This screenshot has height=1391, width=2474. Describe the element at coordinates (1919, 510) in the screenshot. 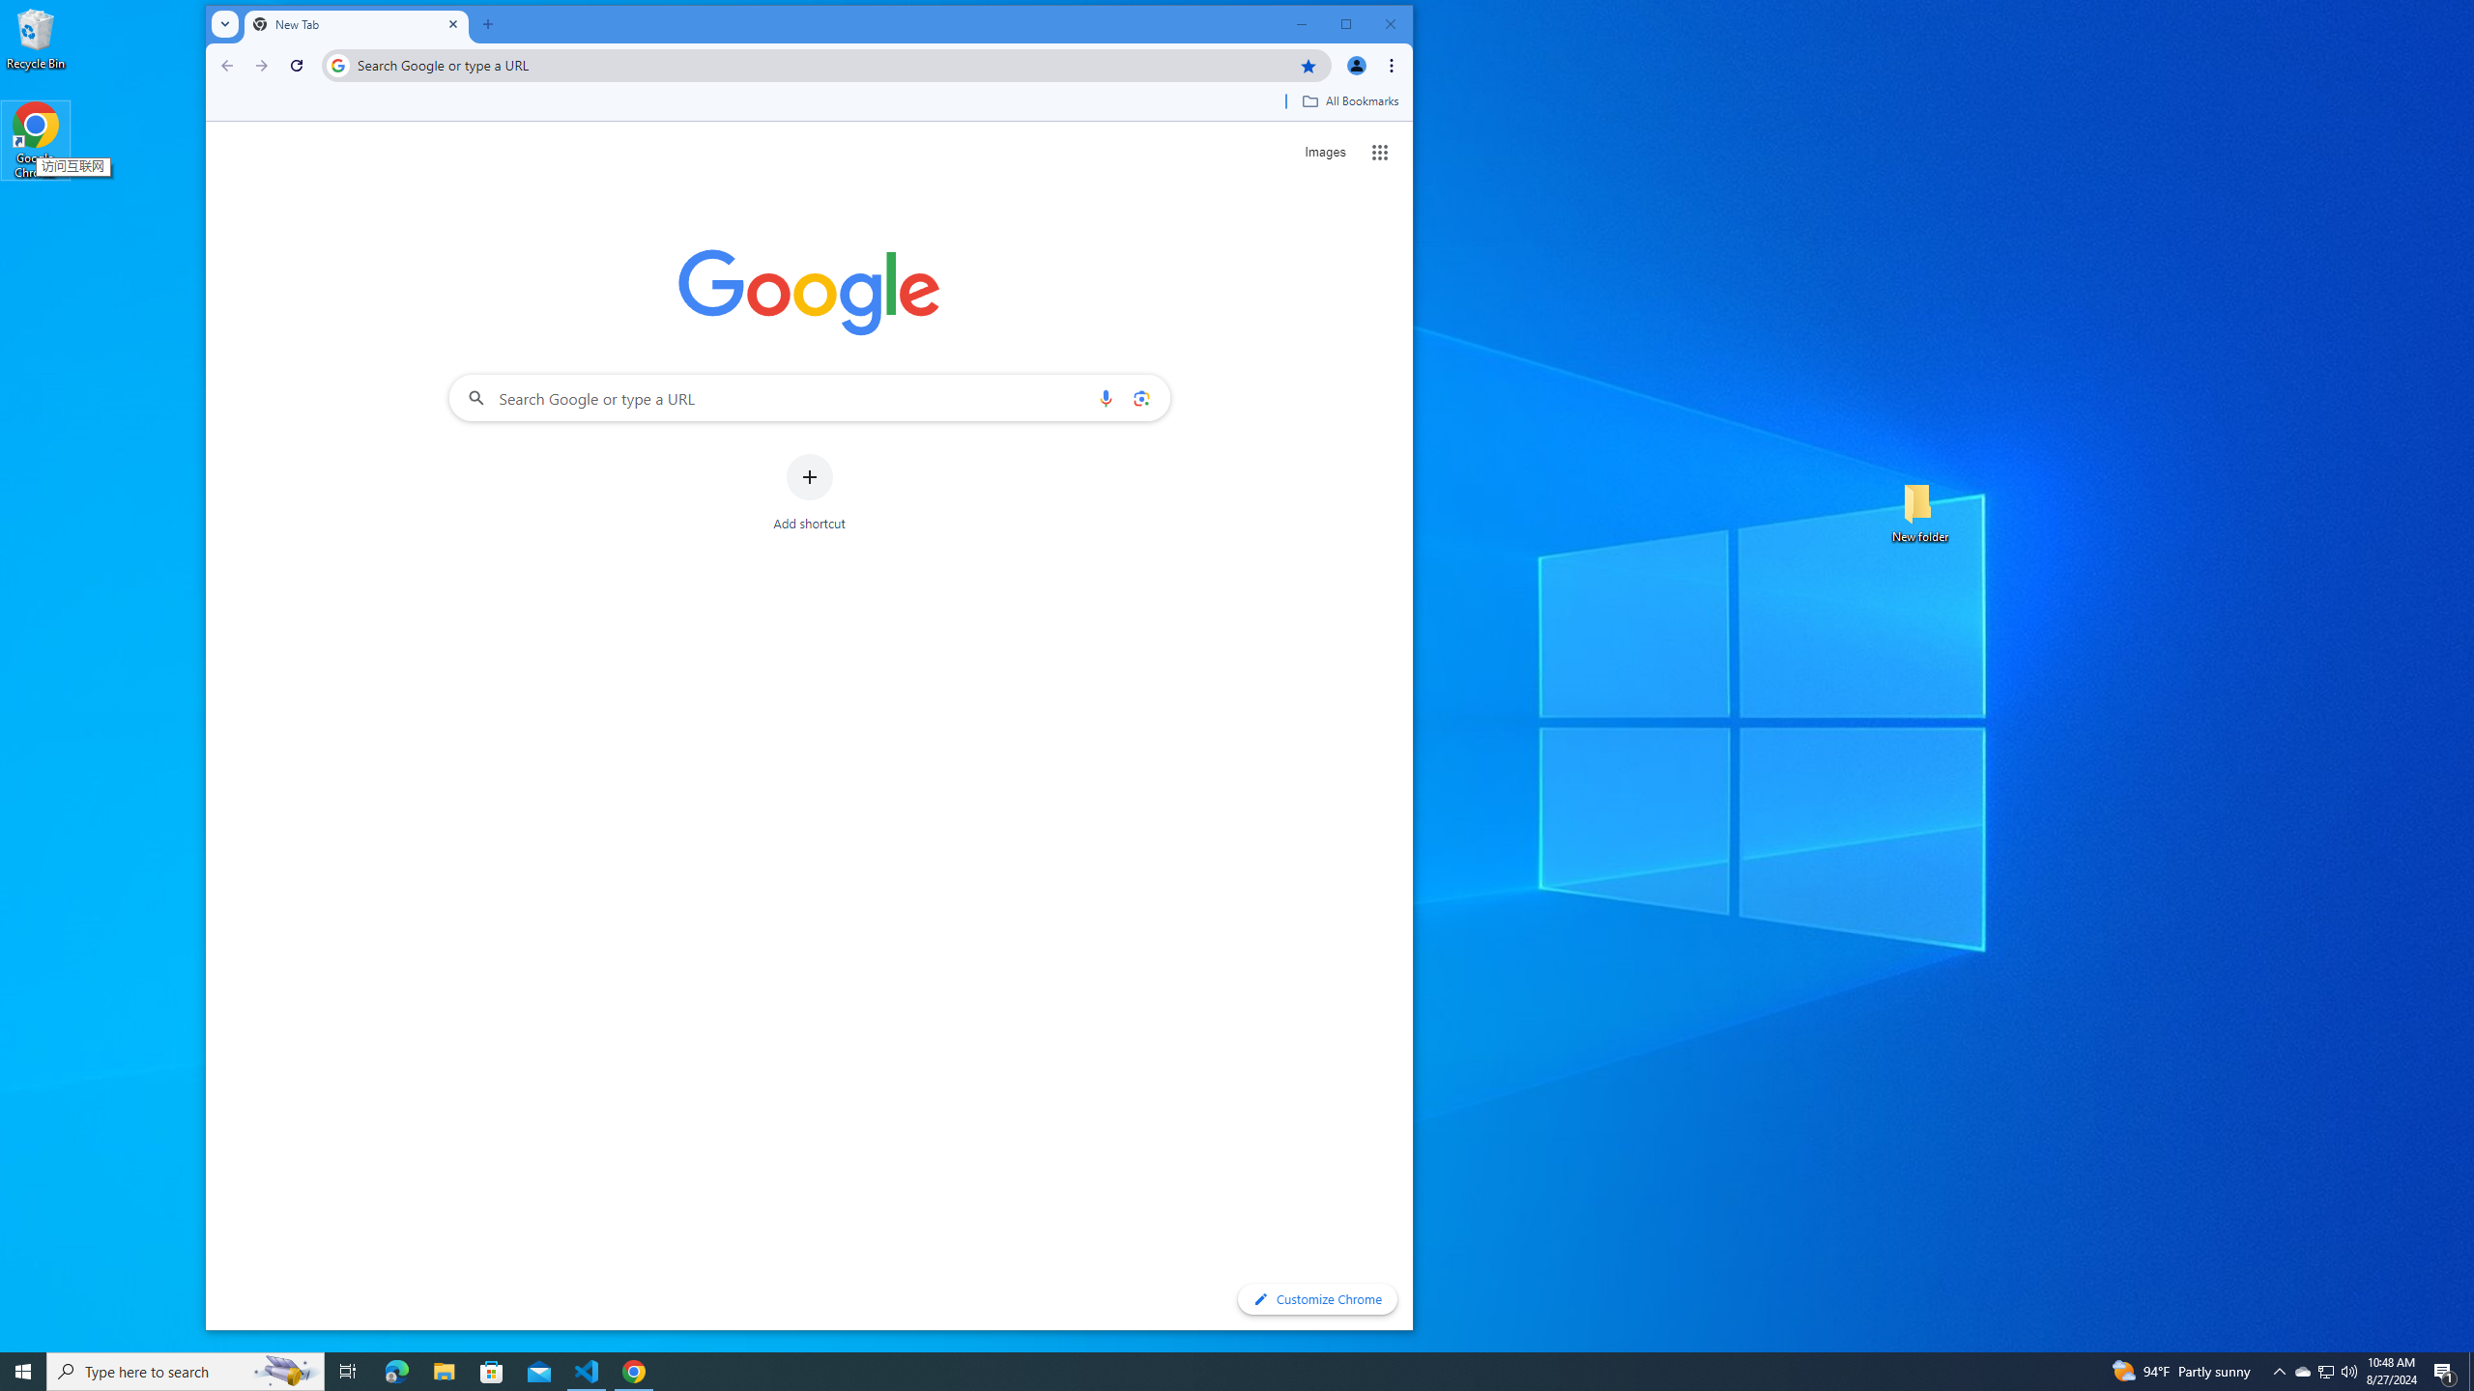

I see `'New folder'` at that location.